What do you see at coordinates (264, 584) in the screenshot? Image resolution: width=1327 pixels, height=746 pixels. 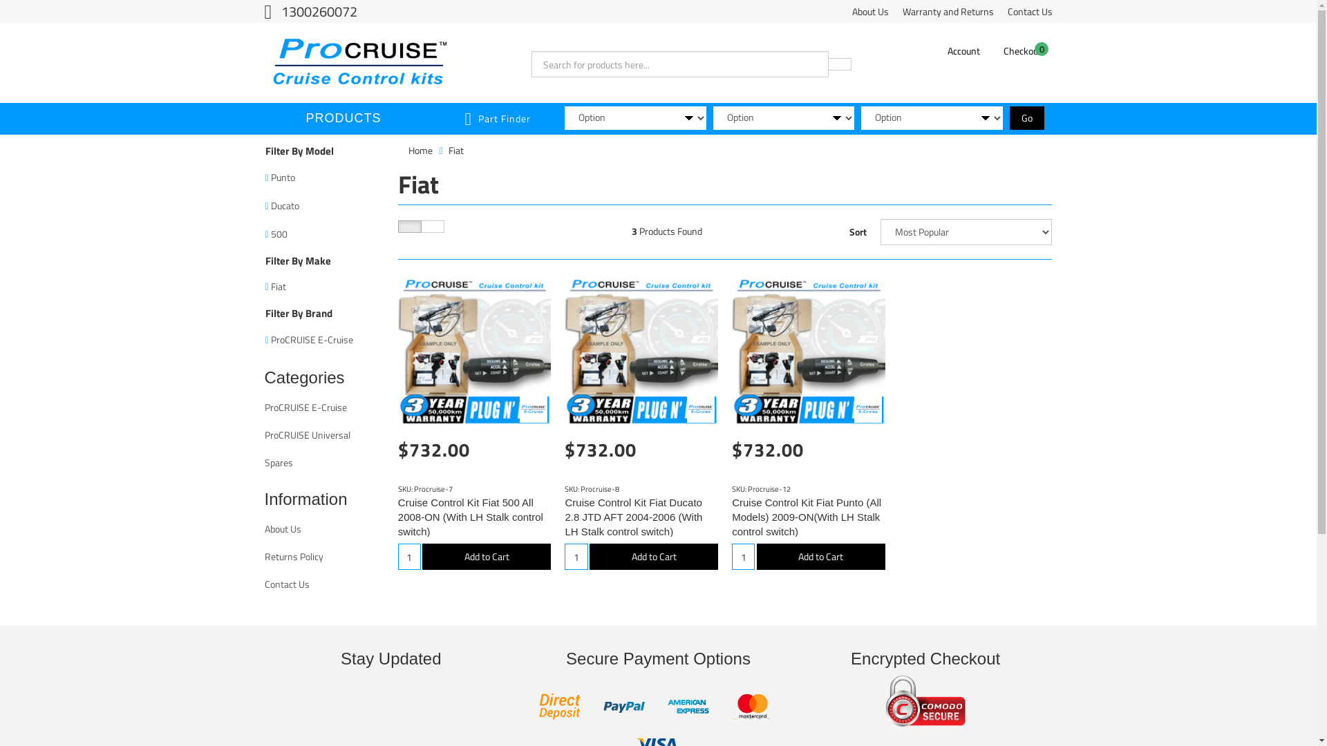 I see `'Contact Us'` at bounding box center [264, 584].